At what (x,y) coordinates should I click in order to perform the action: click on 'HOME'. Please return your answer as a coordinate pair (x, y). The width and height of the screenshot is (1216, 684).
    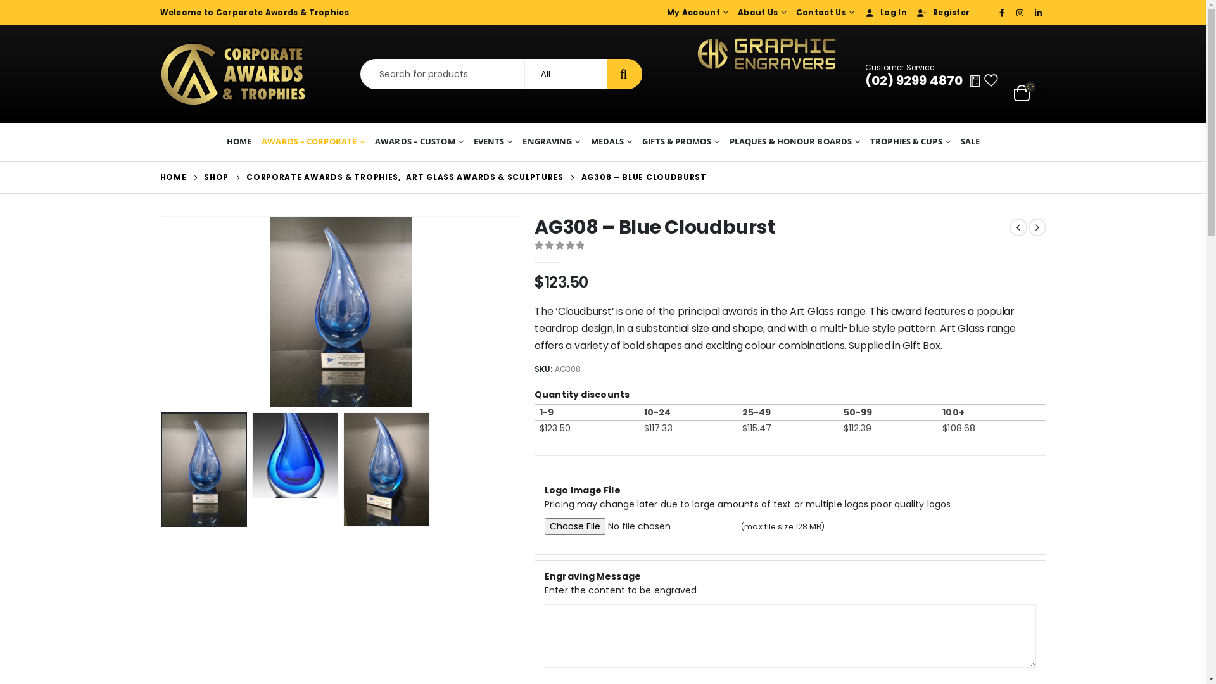
    Looking at the image, I should click on (239, 141).